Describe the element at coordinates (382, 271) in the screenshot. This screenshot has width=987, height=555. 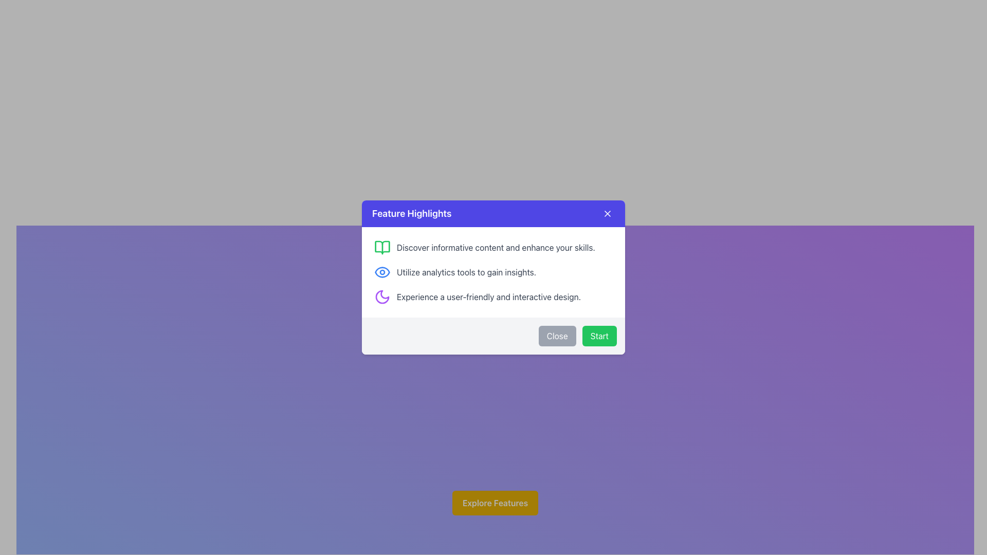
I see `the visibility icon located in the second row of the 'Feature Highlights' modal, positioned left of the text 'Utilize analytics tools to gain insights.'` at that location.